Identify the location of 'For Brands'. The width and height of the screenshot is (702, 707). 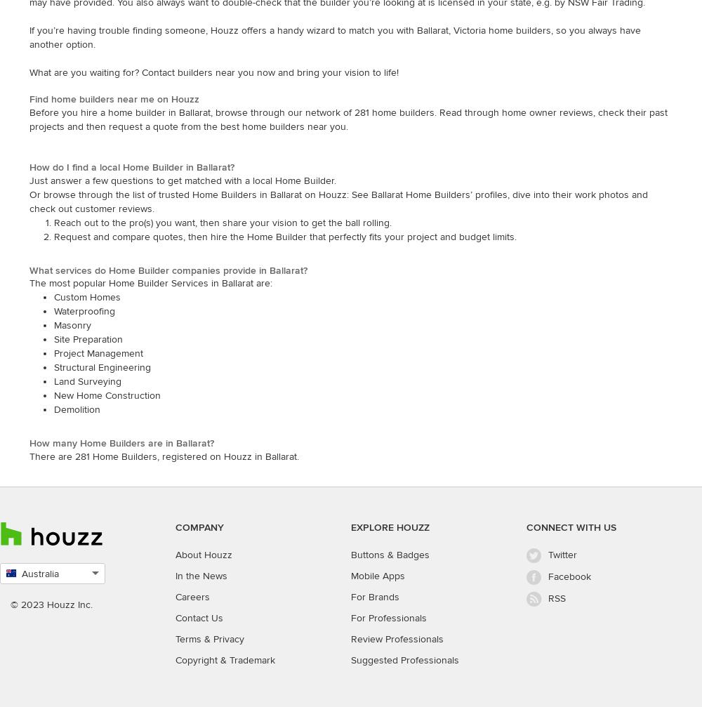
(351, 595).